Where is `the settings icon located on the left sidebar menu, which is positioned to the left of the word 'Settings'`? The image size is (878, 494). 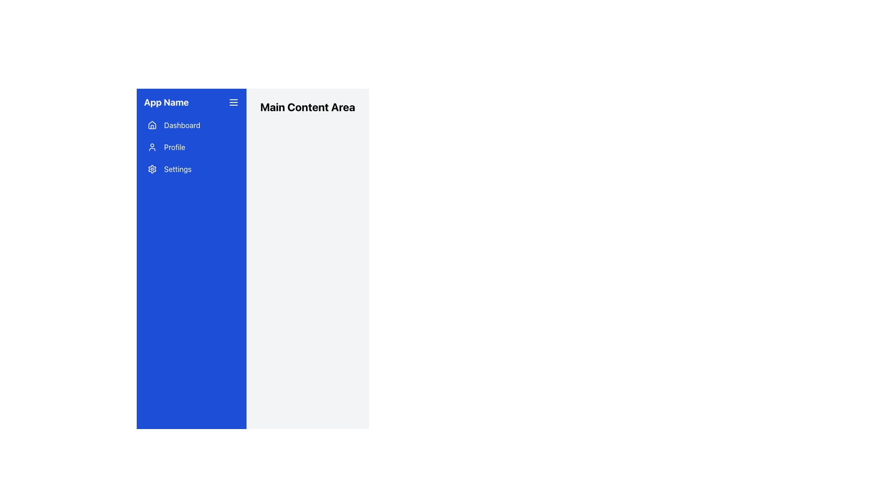
the settings icon located on the left sidebar menu, which is positioned to the left of the word 'Settings' is located at coordinates (152, 169).